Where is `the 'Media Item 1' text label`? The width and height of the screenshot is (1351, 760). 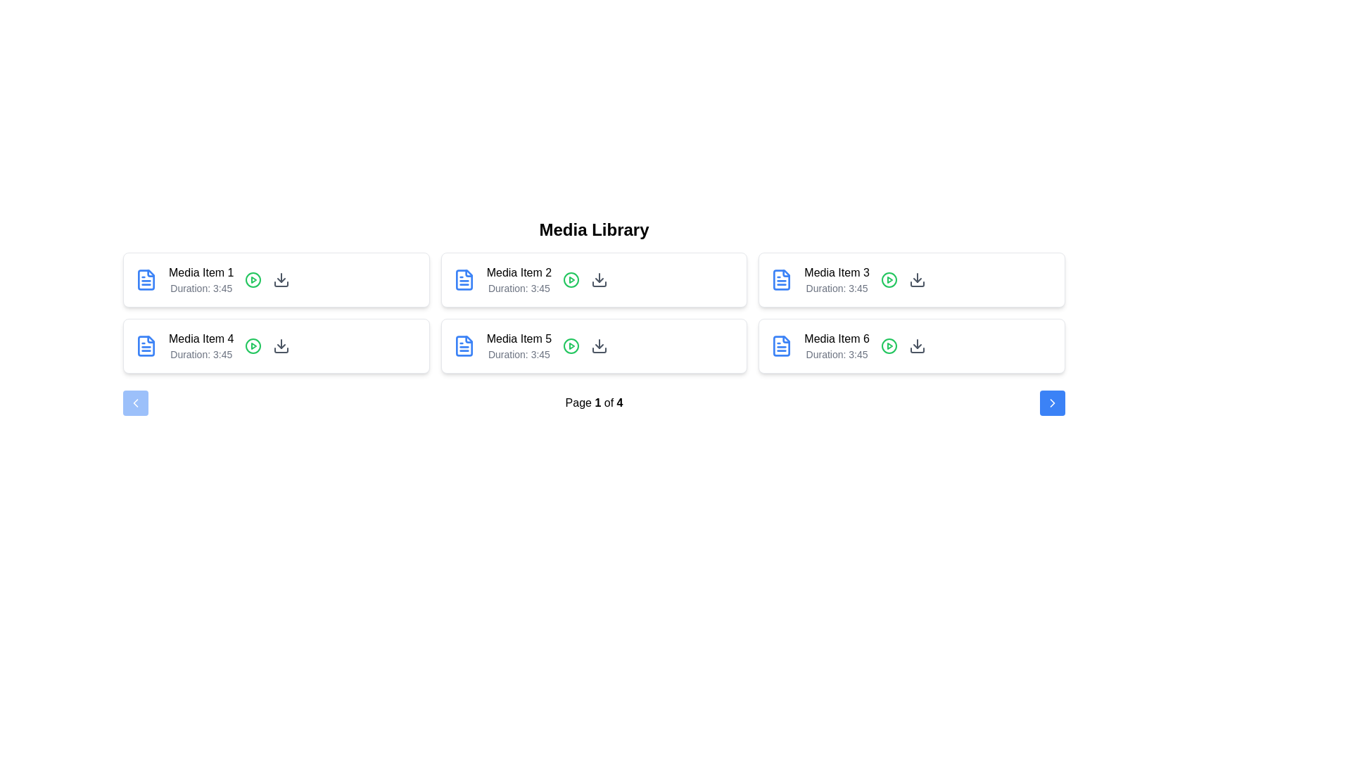 the 'Media Item 1' text label is located at coordinates (201, 273).